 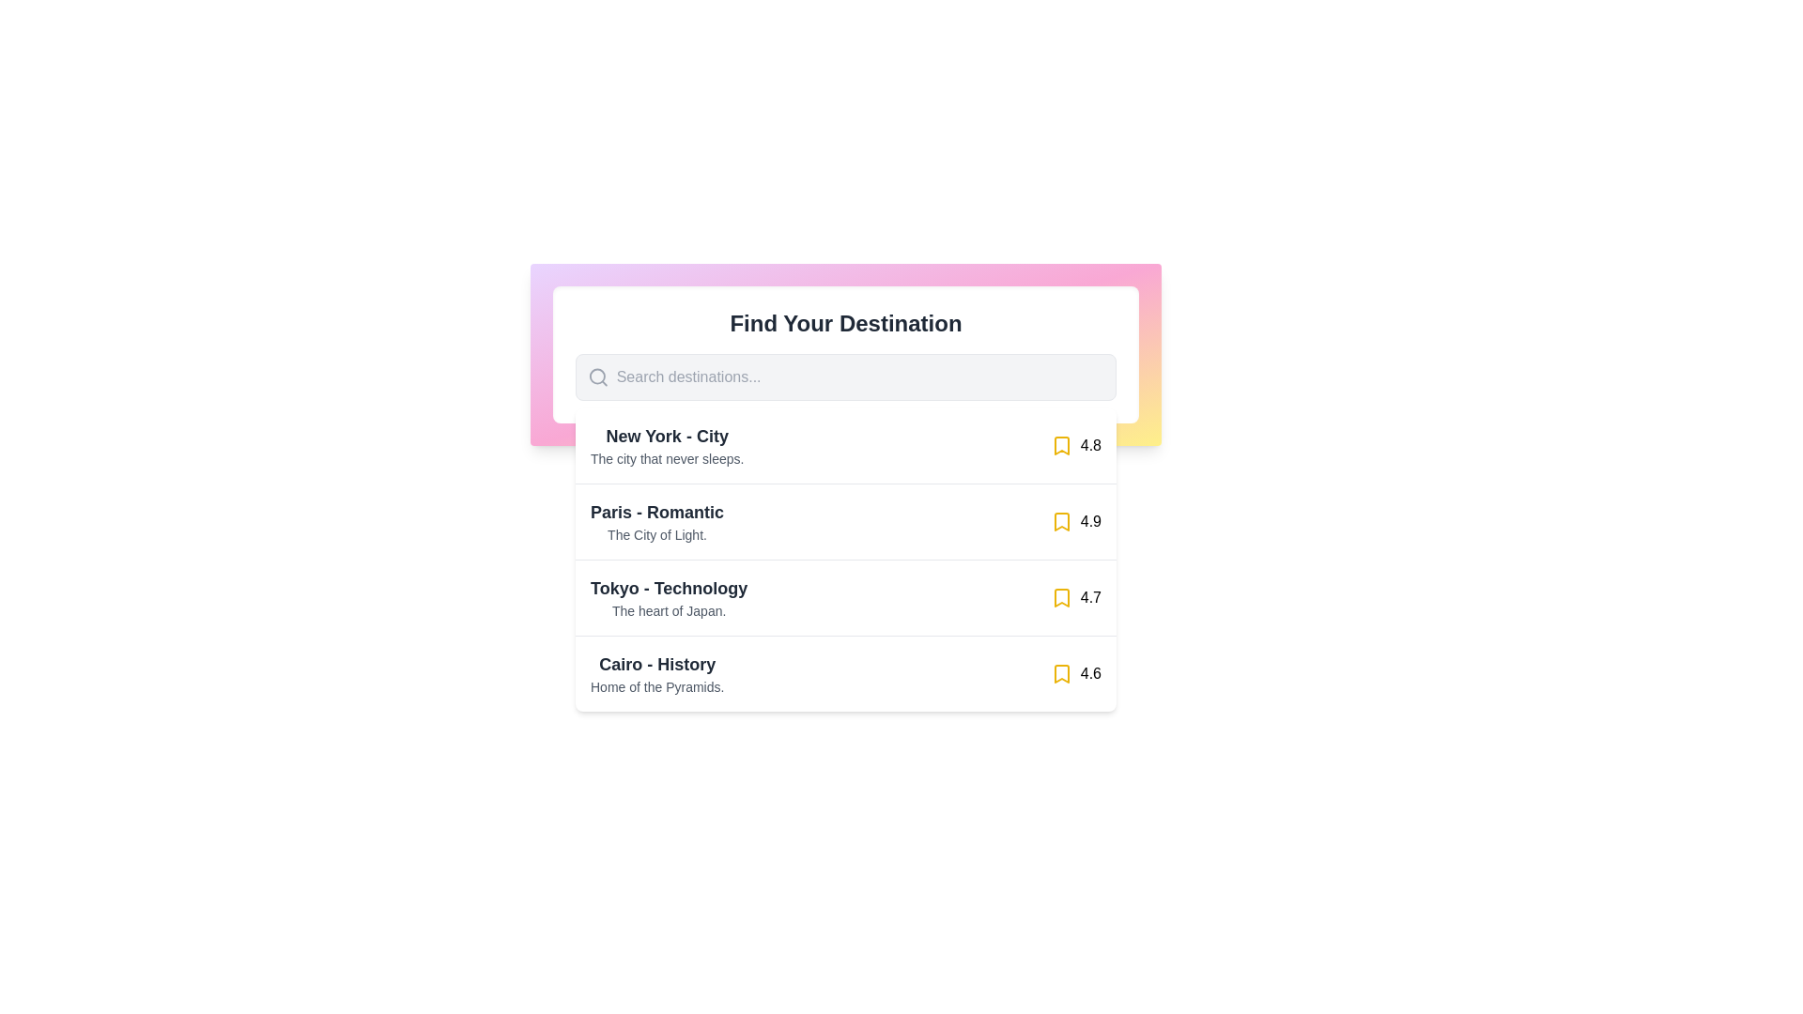 I want to click on informative text label providing additional context about the destination 'Cairo', which is positioned directly below the title 'Cairo - History', so click(x=657, y=687).